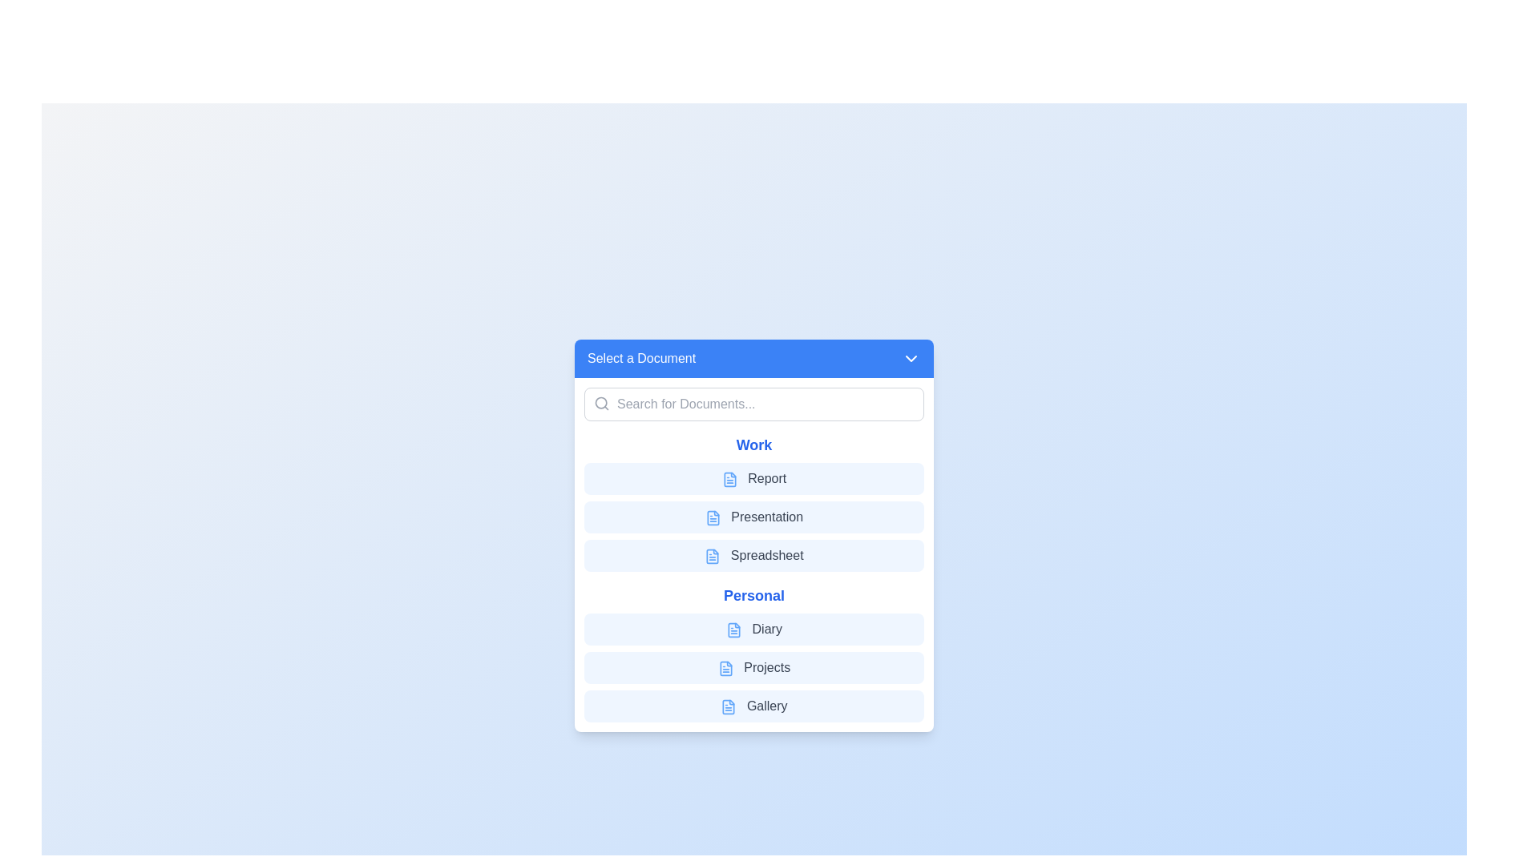 Image resolution: width=1539 pixels, height=865 pixels. I want to click on the 'Presentation' option button located in the second position under the 'Work' category to trigger the hover effect, so click(753, 517).